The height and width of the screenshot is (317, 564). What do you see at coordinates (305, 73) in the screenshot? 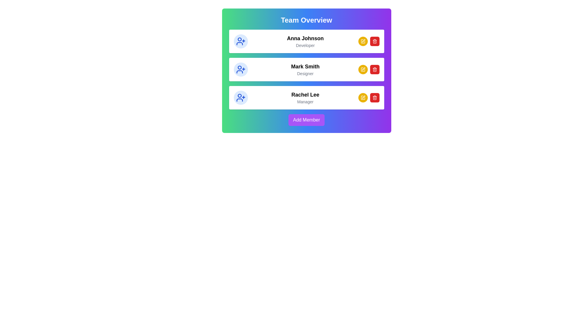
I see `the text field displaying 'Designer' located beneath the 'Mark Smith' title text` at bounding box center [305, 73].